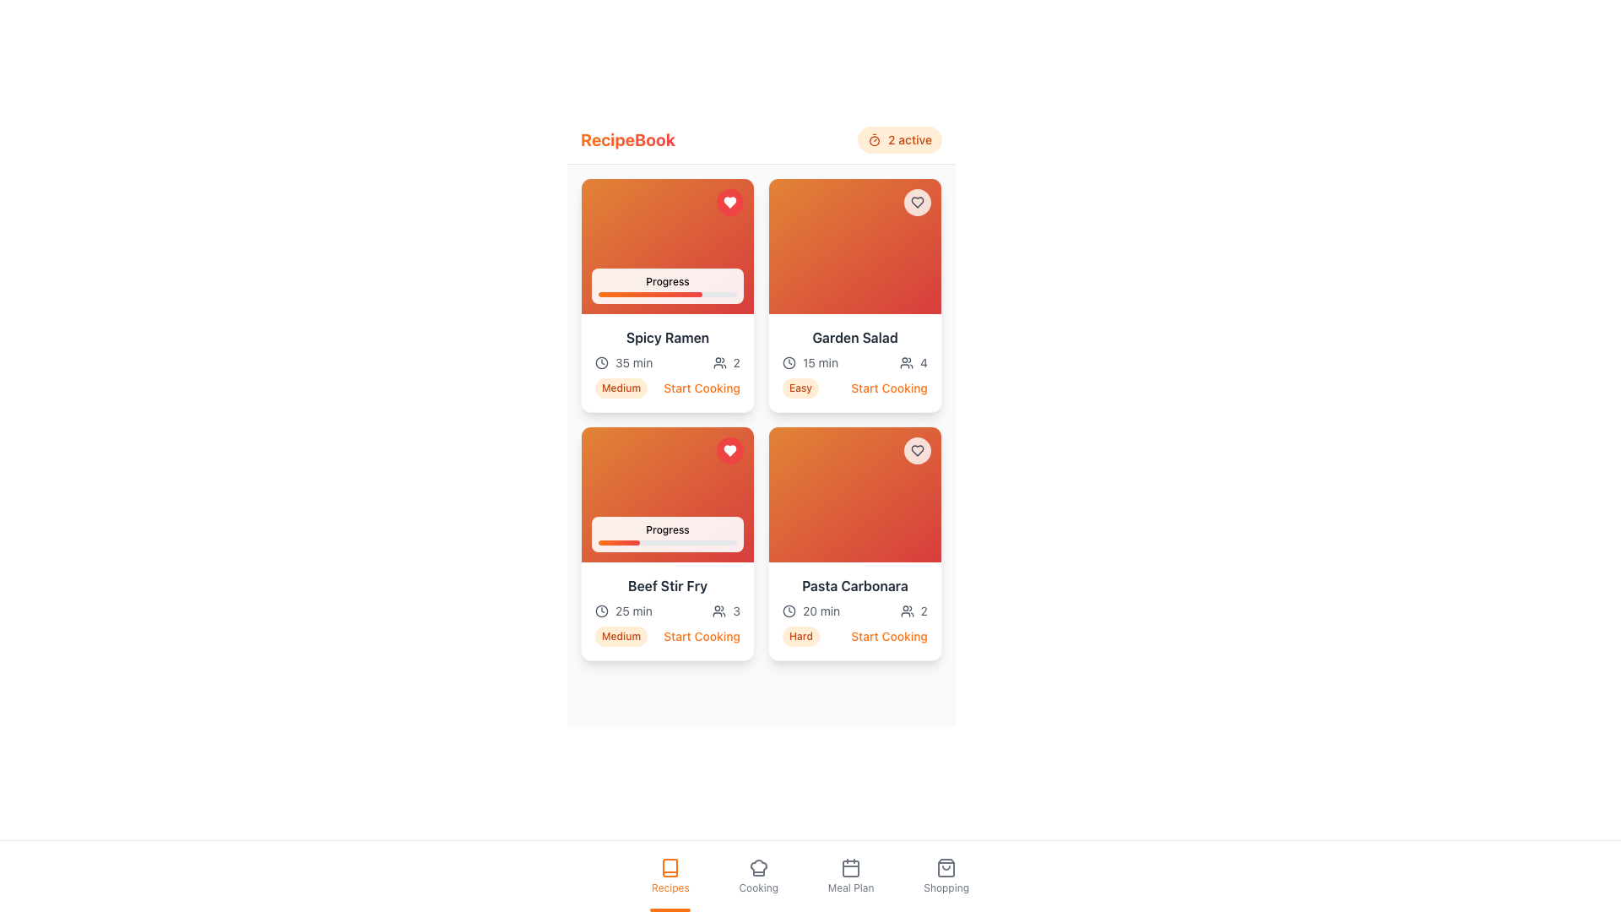 Image resolution: width=1621 pixels, height=912 pixels. What do you see at coordinates (719, 611) in the screenshot?
I see `the icon indicating the number of people or servings associated with the 'Beef Stir Fry' recipe, located next to the text '3' and above the 'Medium' difficulty label` at bounding box center [719, 611].